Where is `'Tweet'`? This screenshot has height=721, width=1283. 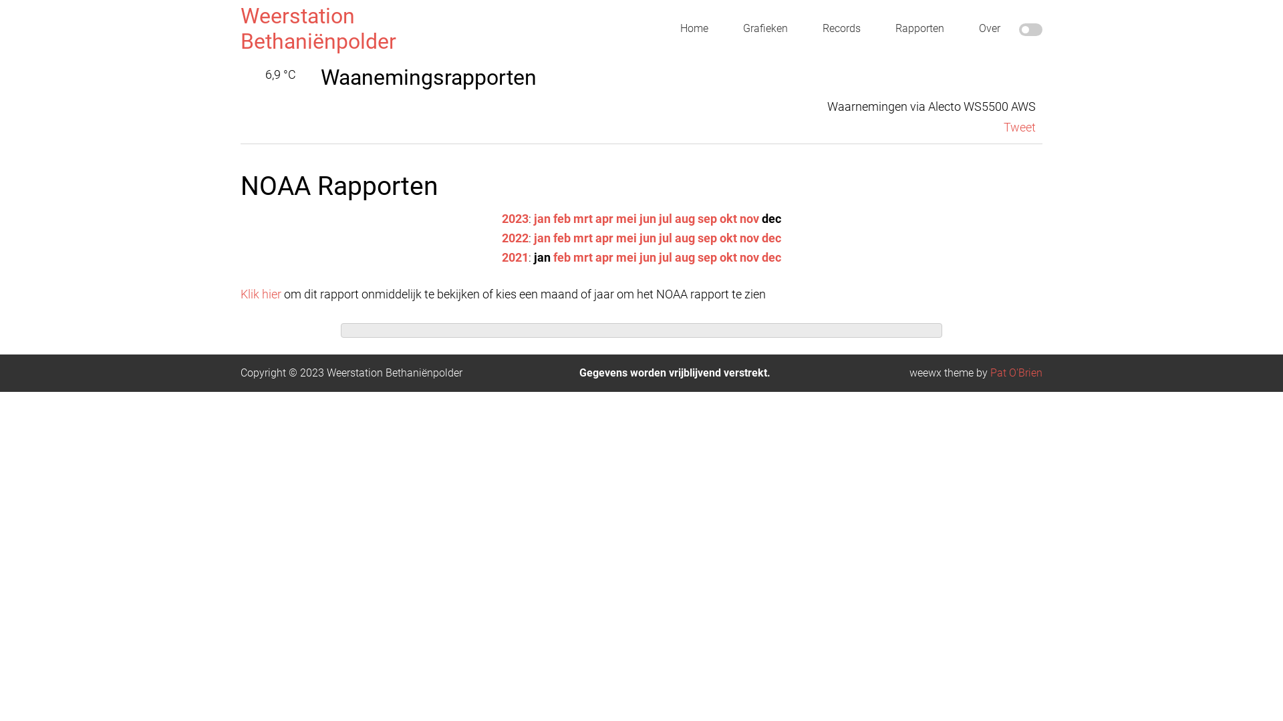
'Tweet' is located at coordinates (1004, 127).